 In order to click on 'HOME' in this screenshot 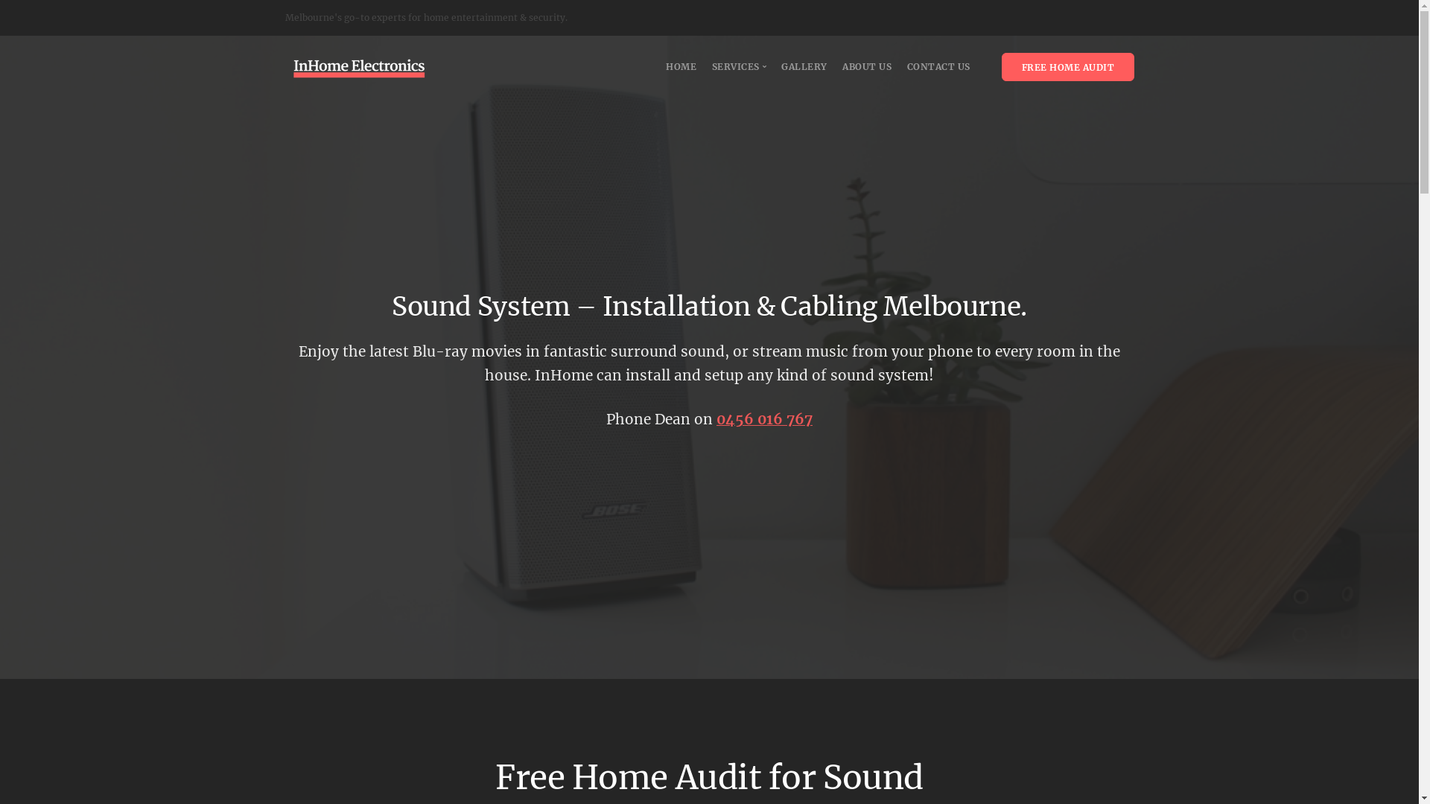, I will do `click(664, 66)`.